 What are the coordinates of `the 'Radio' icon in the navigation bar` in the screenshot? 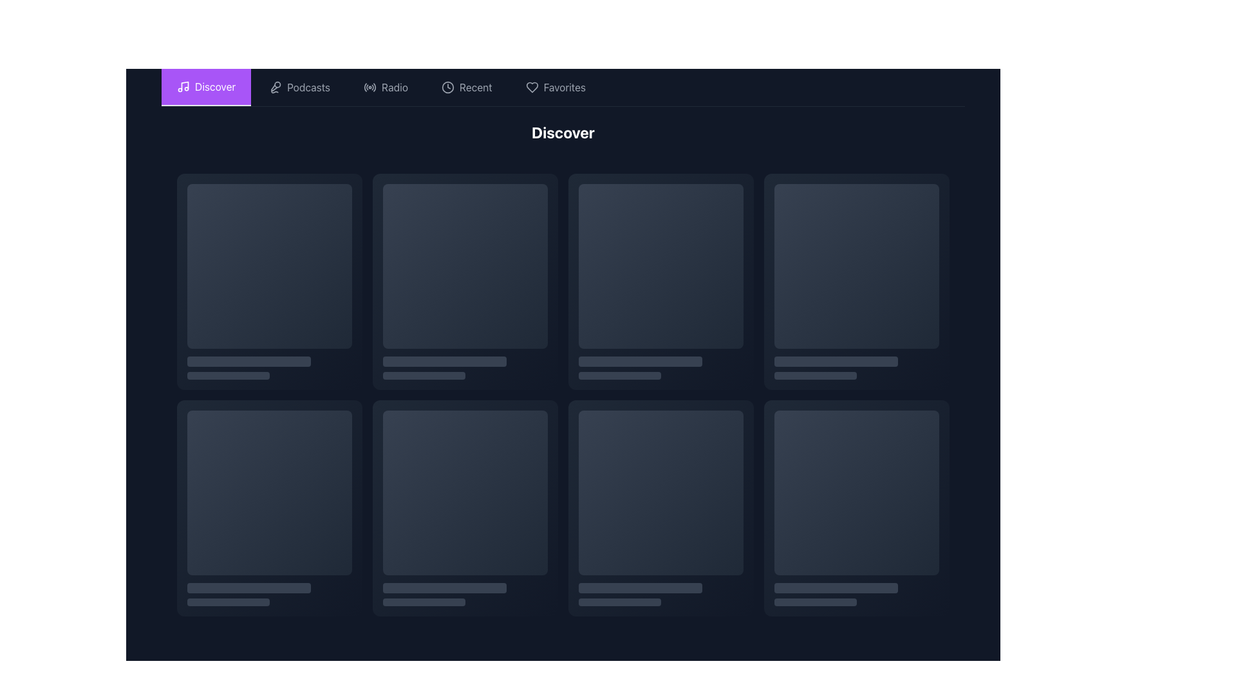 It's located at (370, 87).